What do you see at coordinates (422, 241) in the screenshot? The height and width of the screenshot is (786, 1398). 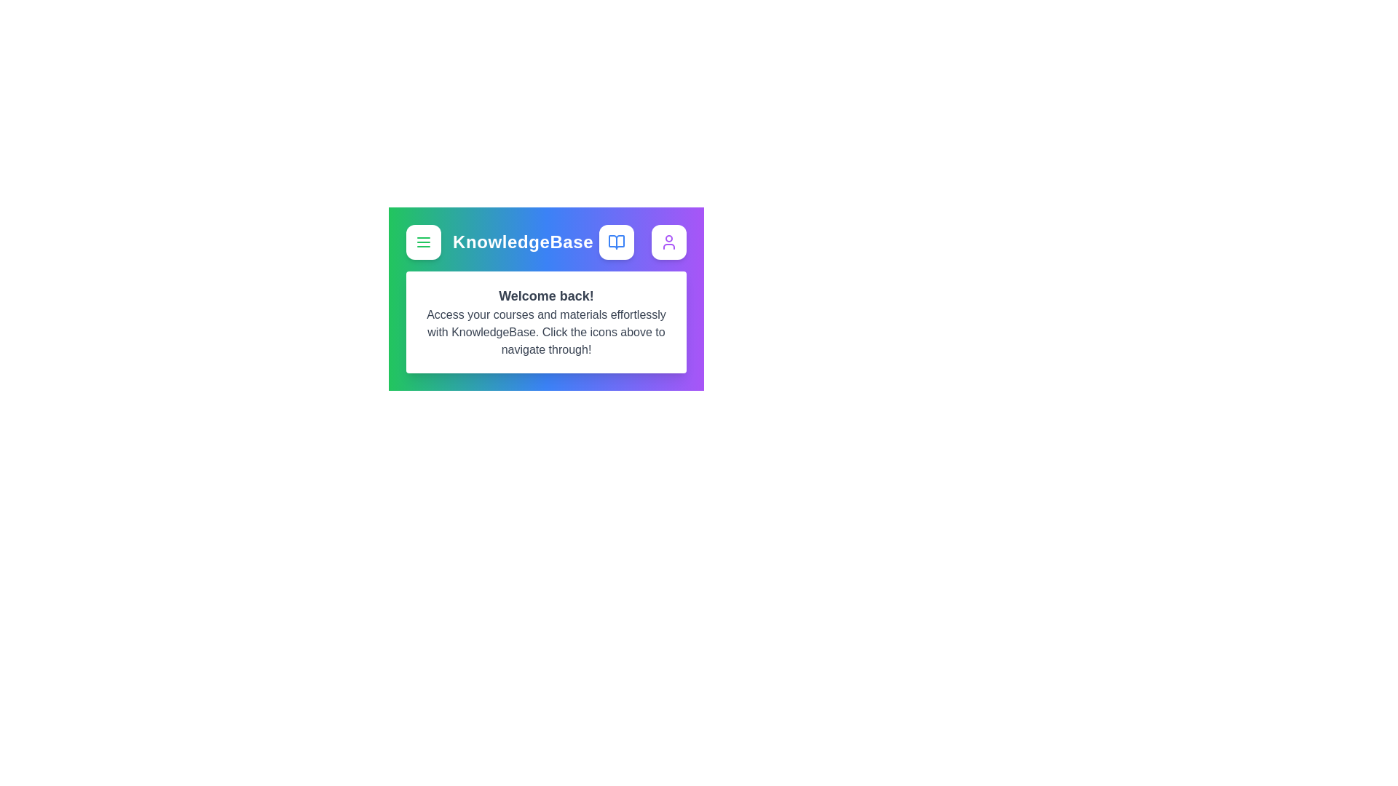 I see `menu button to open the navigation menu` at bounding box center [422, 241].